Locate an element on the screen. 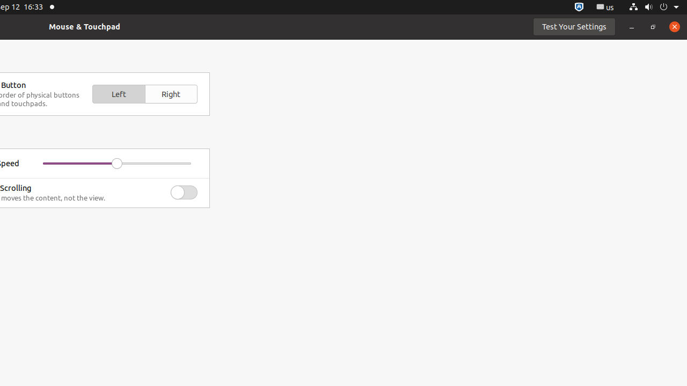 This screenshot has width=687, height=386. 'Mouse & Touchpad' is located at coordinates (84, 26).